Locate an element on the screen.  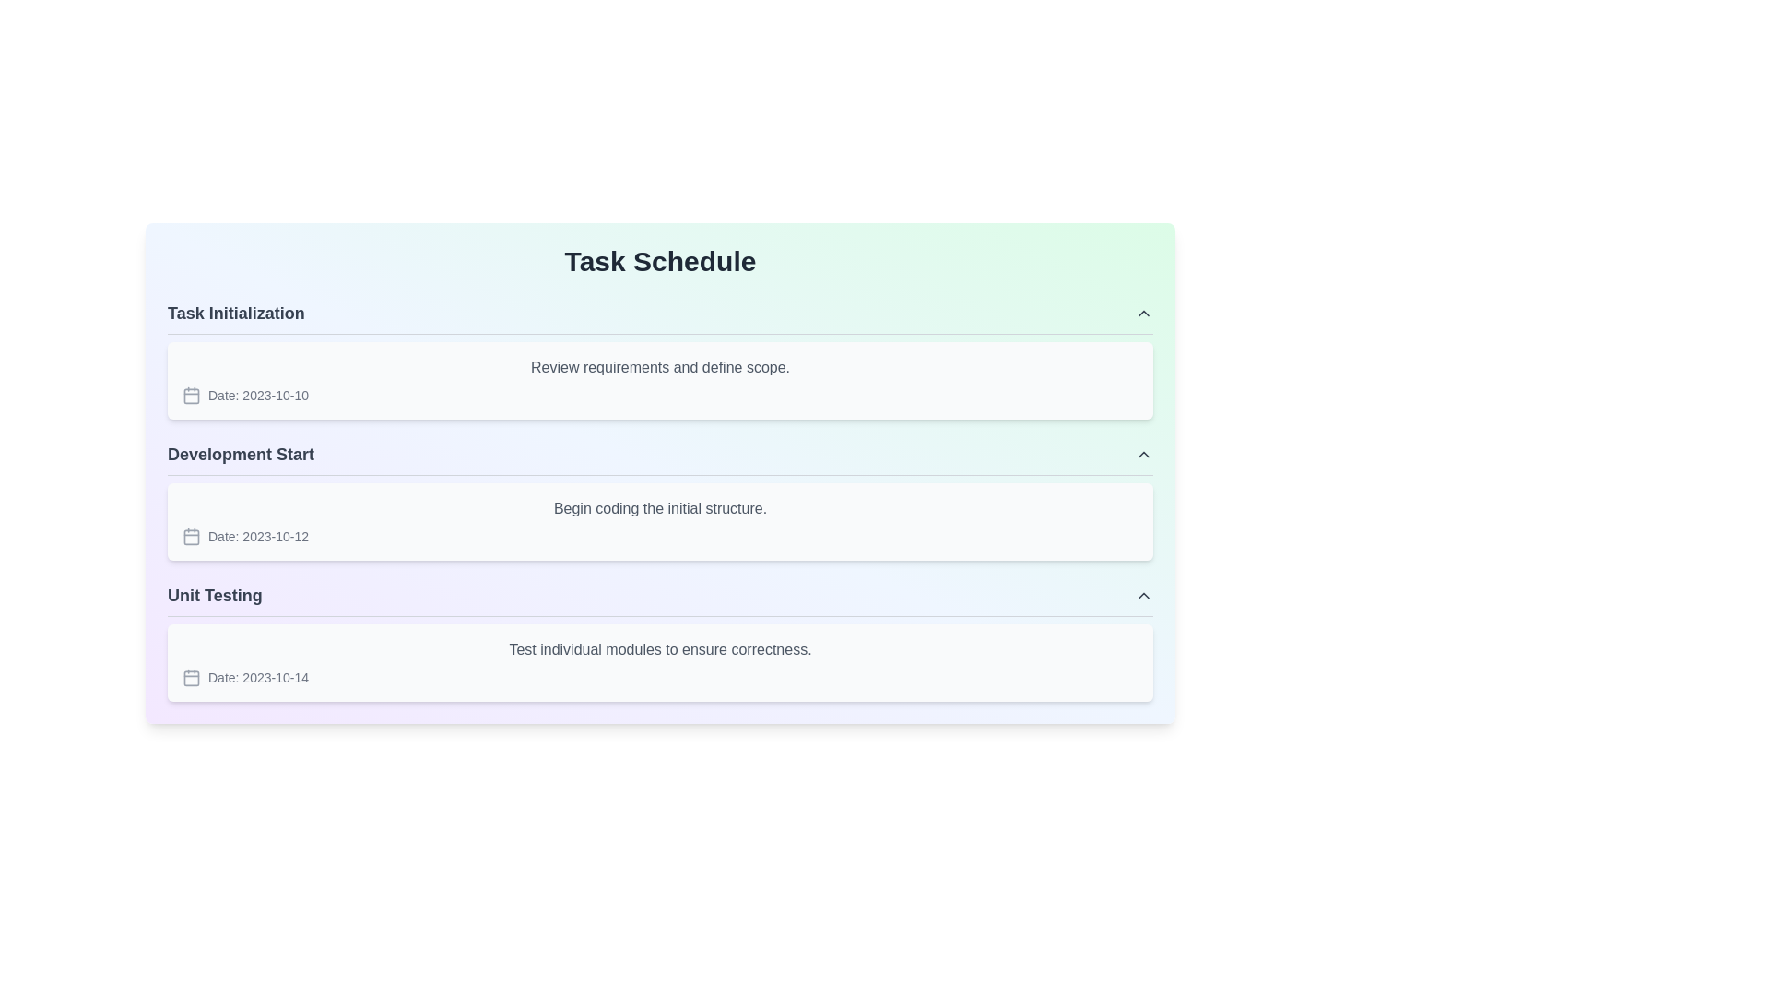
the chevron button on the right side of the 'Development Start' section header is located at coordinates (1143, 455).